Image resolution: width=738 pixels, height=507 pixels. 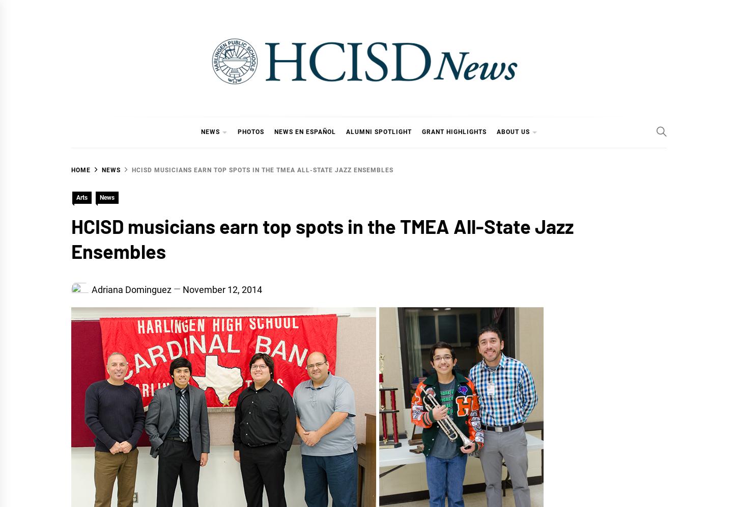 What do you see at coordinates (230, 177) in the screenshot?
I see `'Academics'` at bounding box center [230, 177].